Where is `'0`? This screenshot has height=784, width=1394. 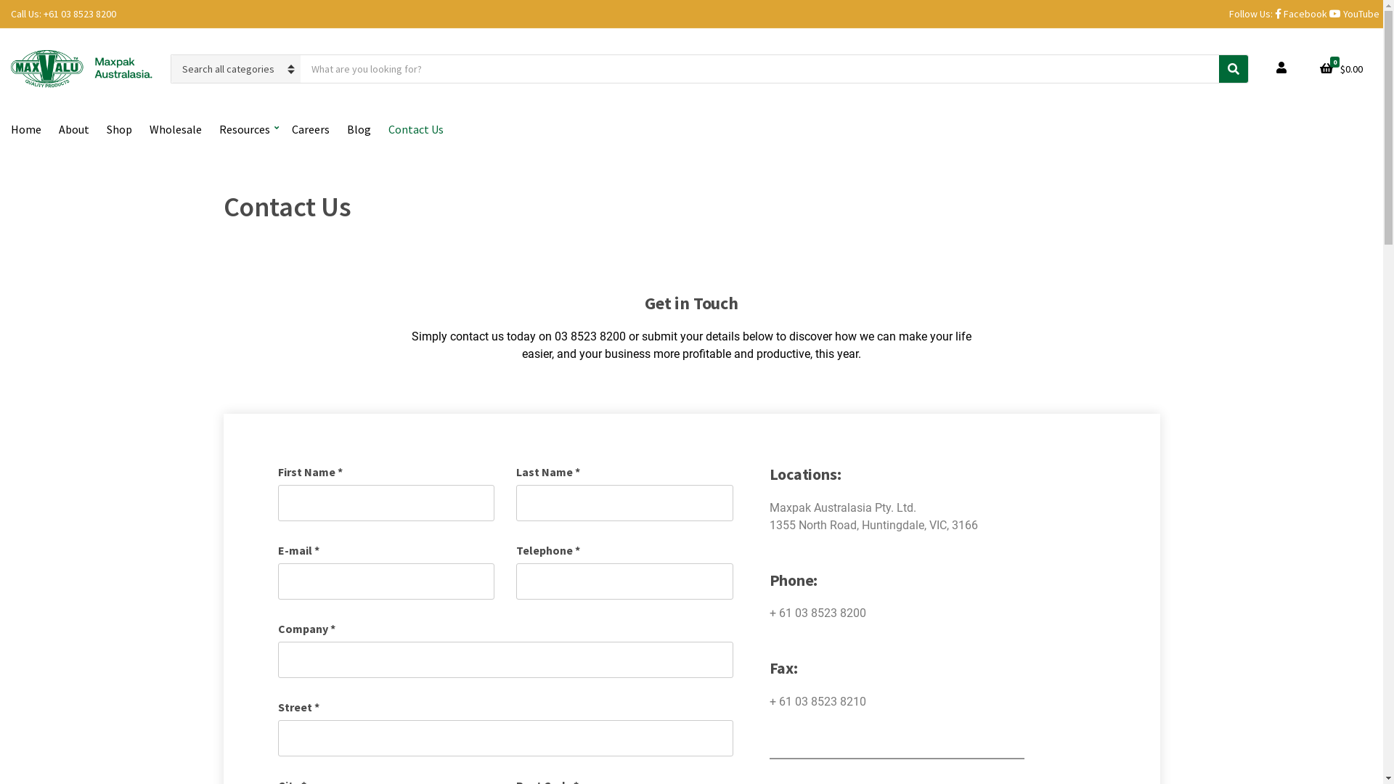
'0 is located at coordinates (1340, 69).